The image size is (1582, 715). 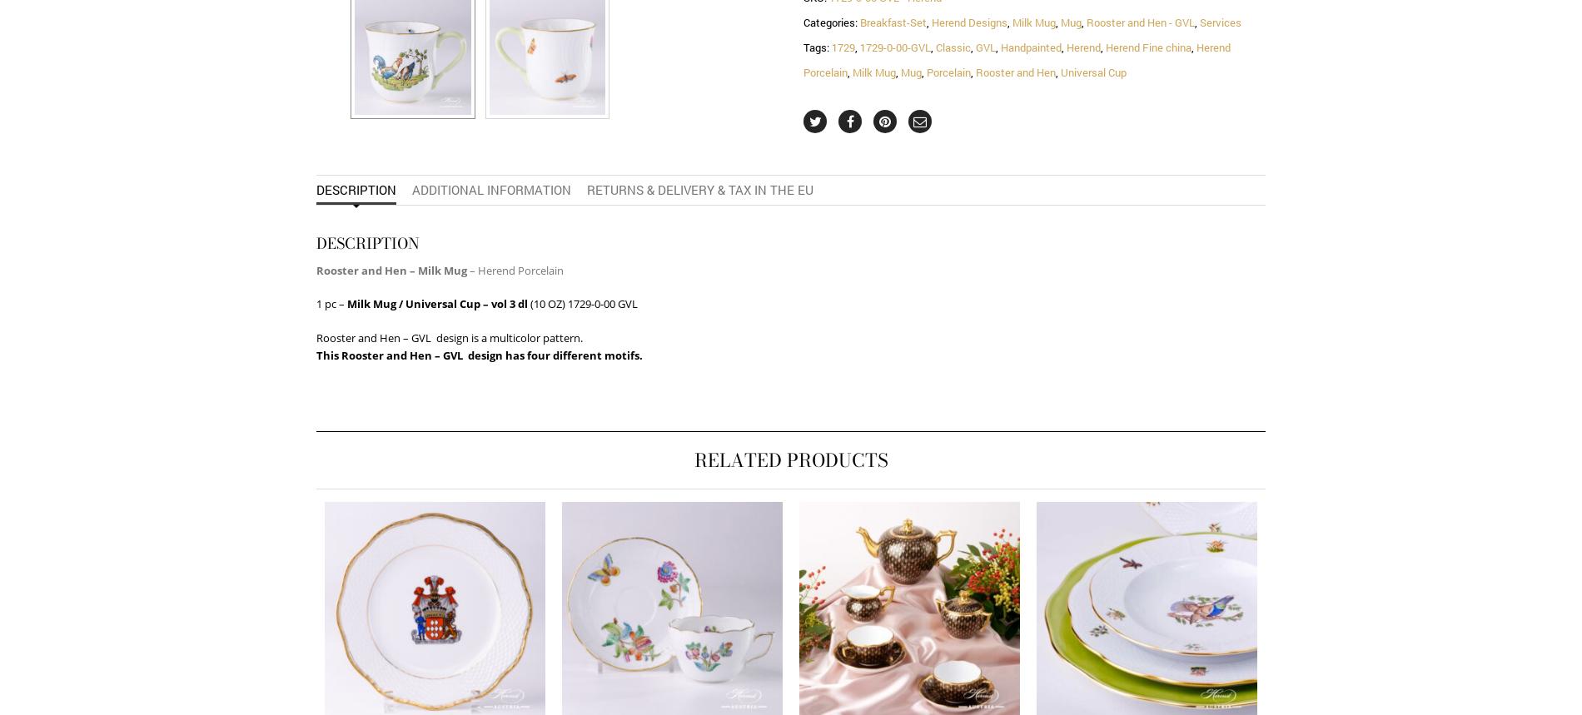 What do you see at coordinates (331, 302) in the screenshot?
I see `'1 pc –'` at bounding box center [331, 302].